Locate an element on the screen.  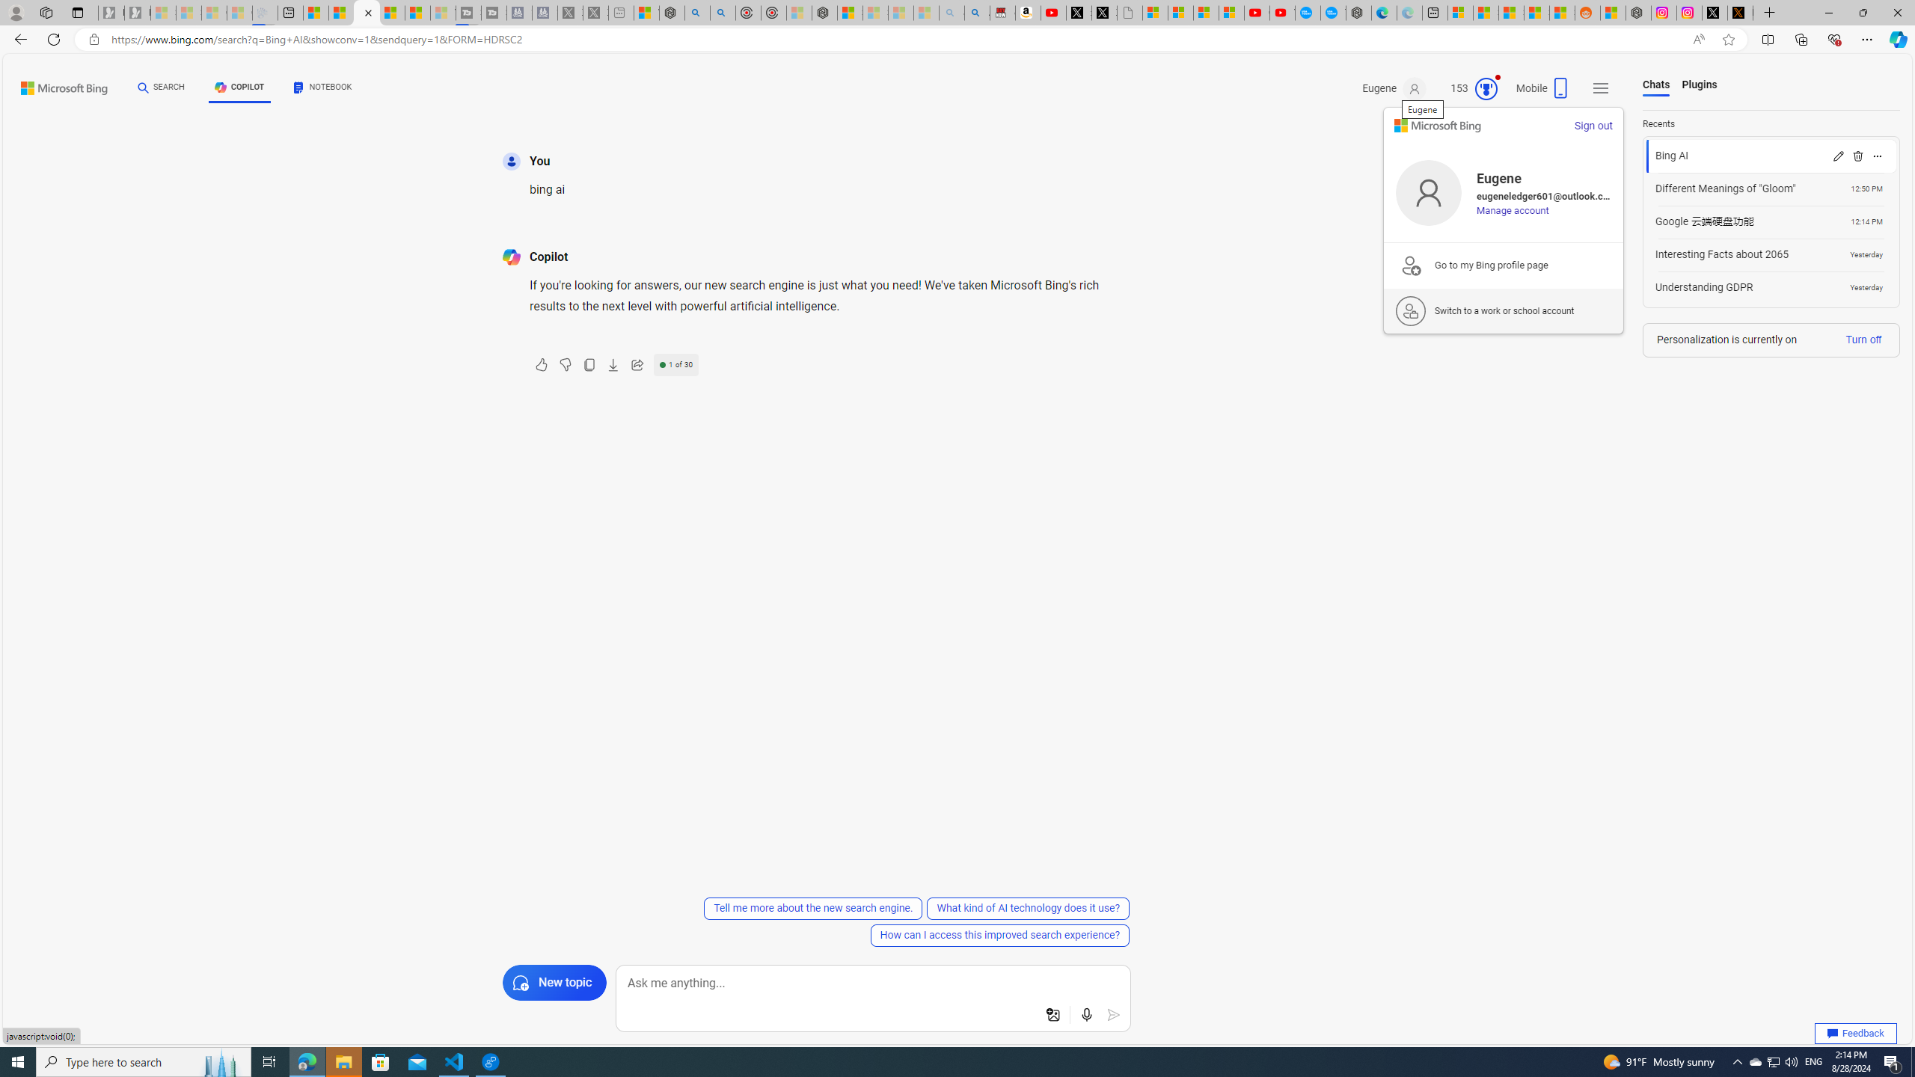
'poe - Search' is located at coordinates (696, 12).